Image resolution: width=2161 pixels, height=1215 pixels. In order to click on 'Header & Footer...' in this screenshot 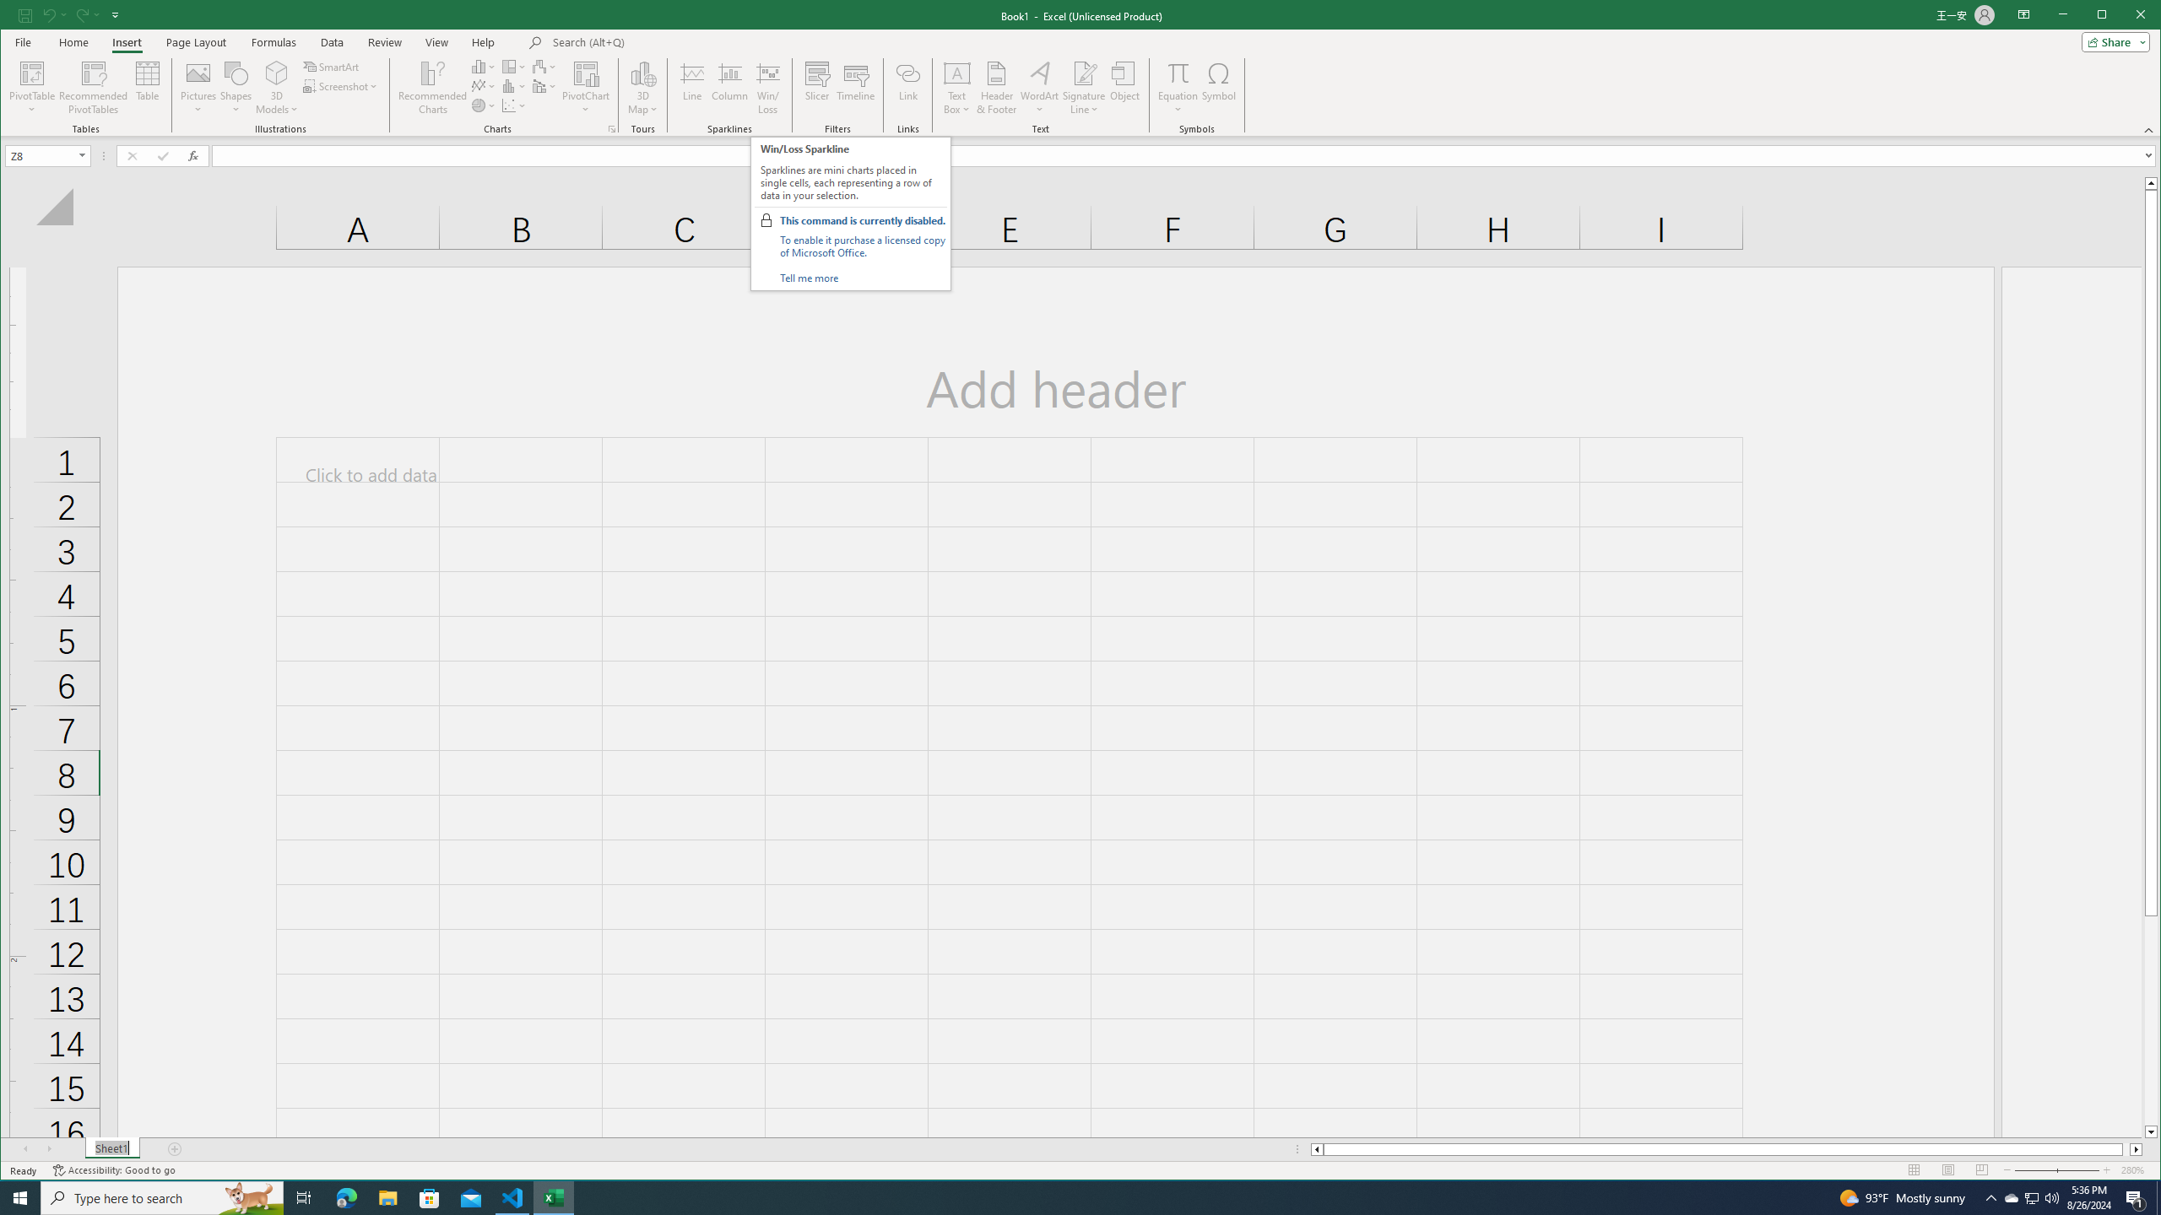, I will do `click(995, 87)`.